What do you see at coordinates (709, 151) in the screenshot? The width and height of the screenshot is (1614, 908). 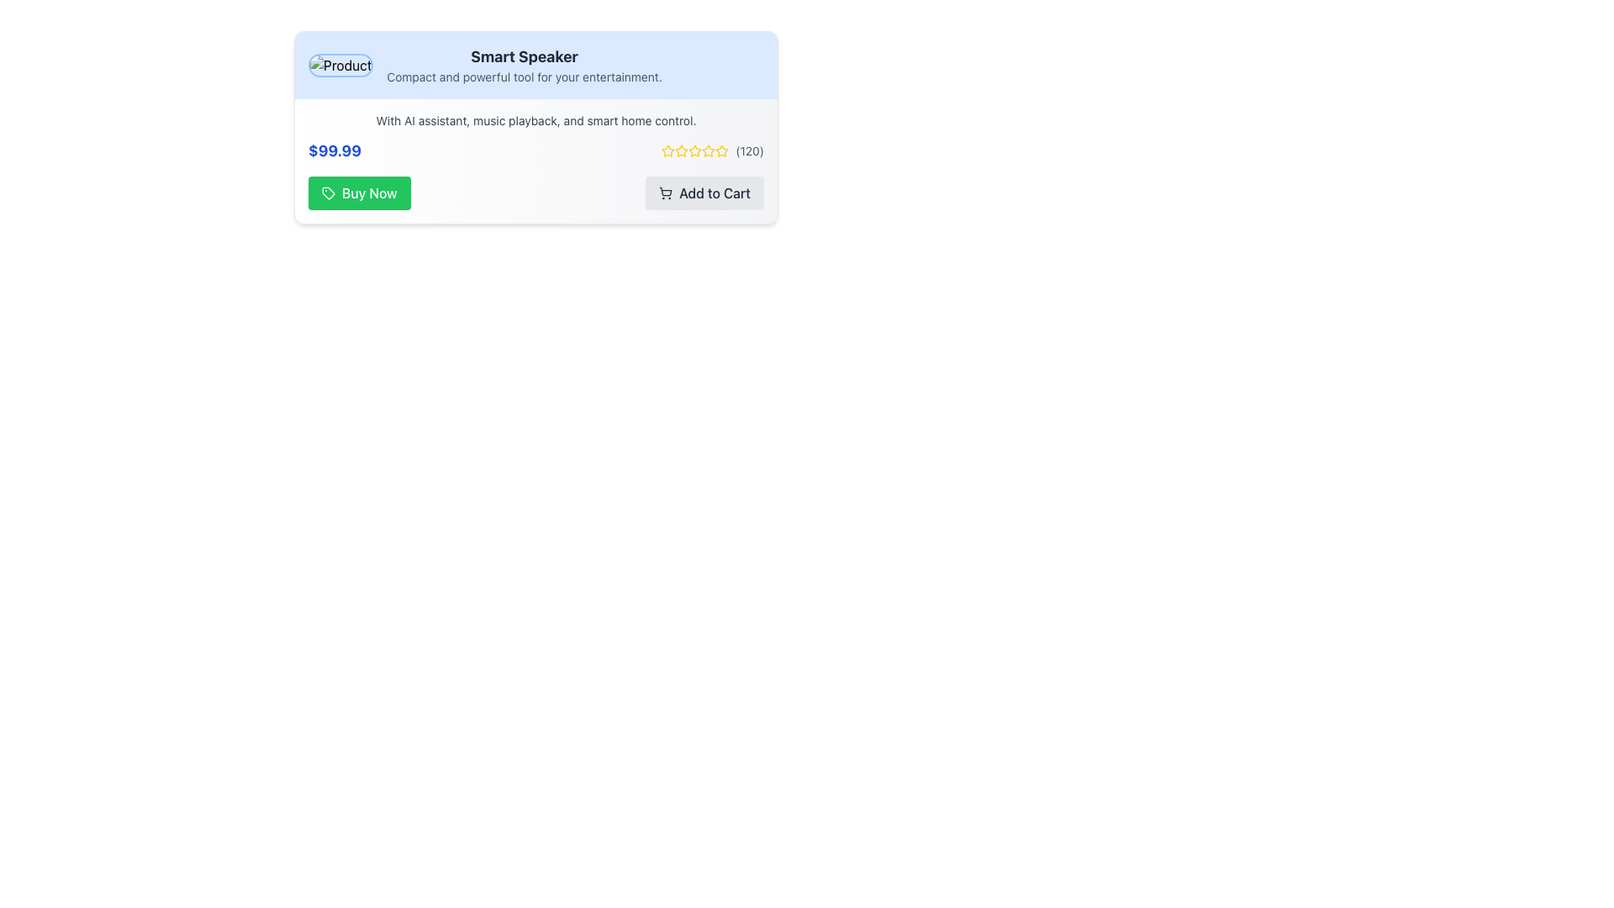 I see `the fourth star icon in the 5-star rating system, which visually indicates the rating level and is located directly to the left of the numeric indicator '(120)'` at bounding box center [709, 151].